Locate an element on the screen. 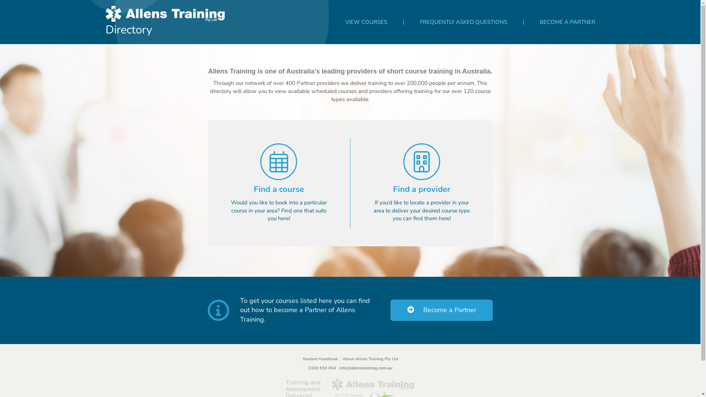 This screenshot has width=706, height=397. 'FREQUENTLY ASKED QUESTIONS' is located at coordinates (463, 22).